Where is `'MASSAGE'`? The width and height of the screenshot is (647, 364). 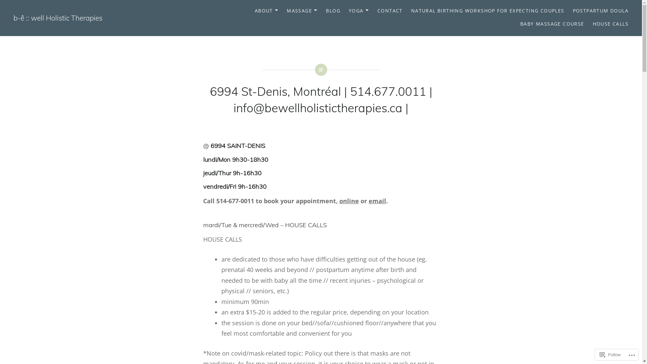
'MASSAGE' is located at coordinates (286, 11).